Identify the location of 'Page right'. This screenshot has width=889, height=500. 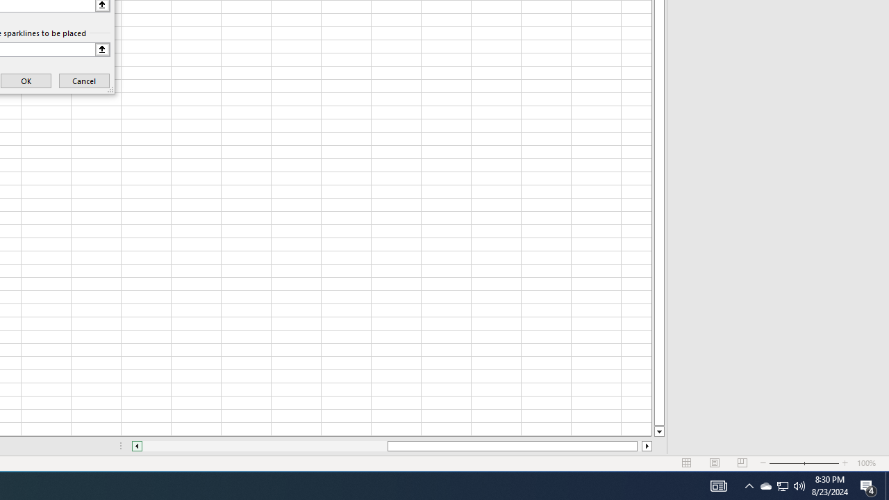
(638, 446).